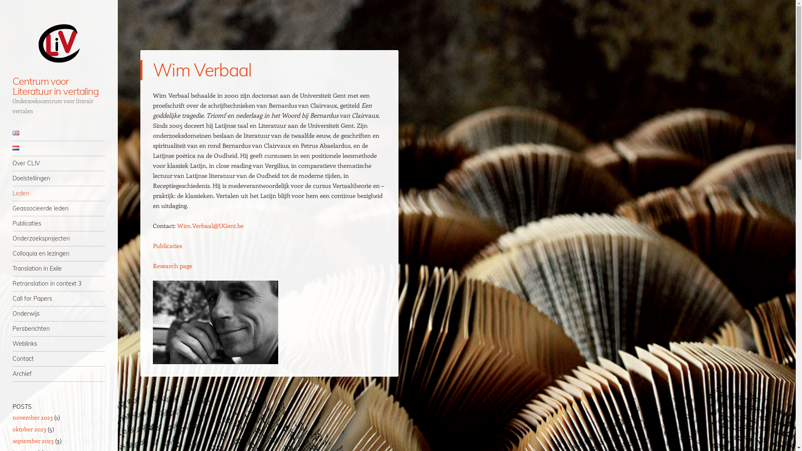  What do you see at coordinates (209, 225) in the screenshot?
I see `'Wim.Verbaal@UGent.be'` at bounding box center [209, 225].